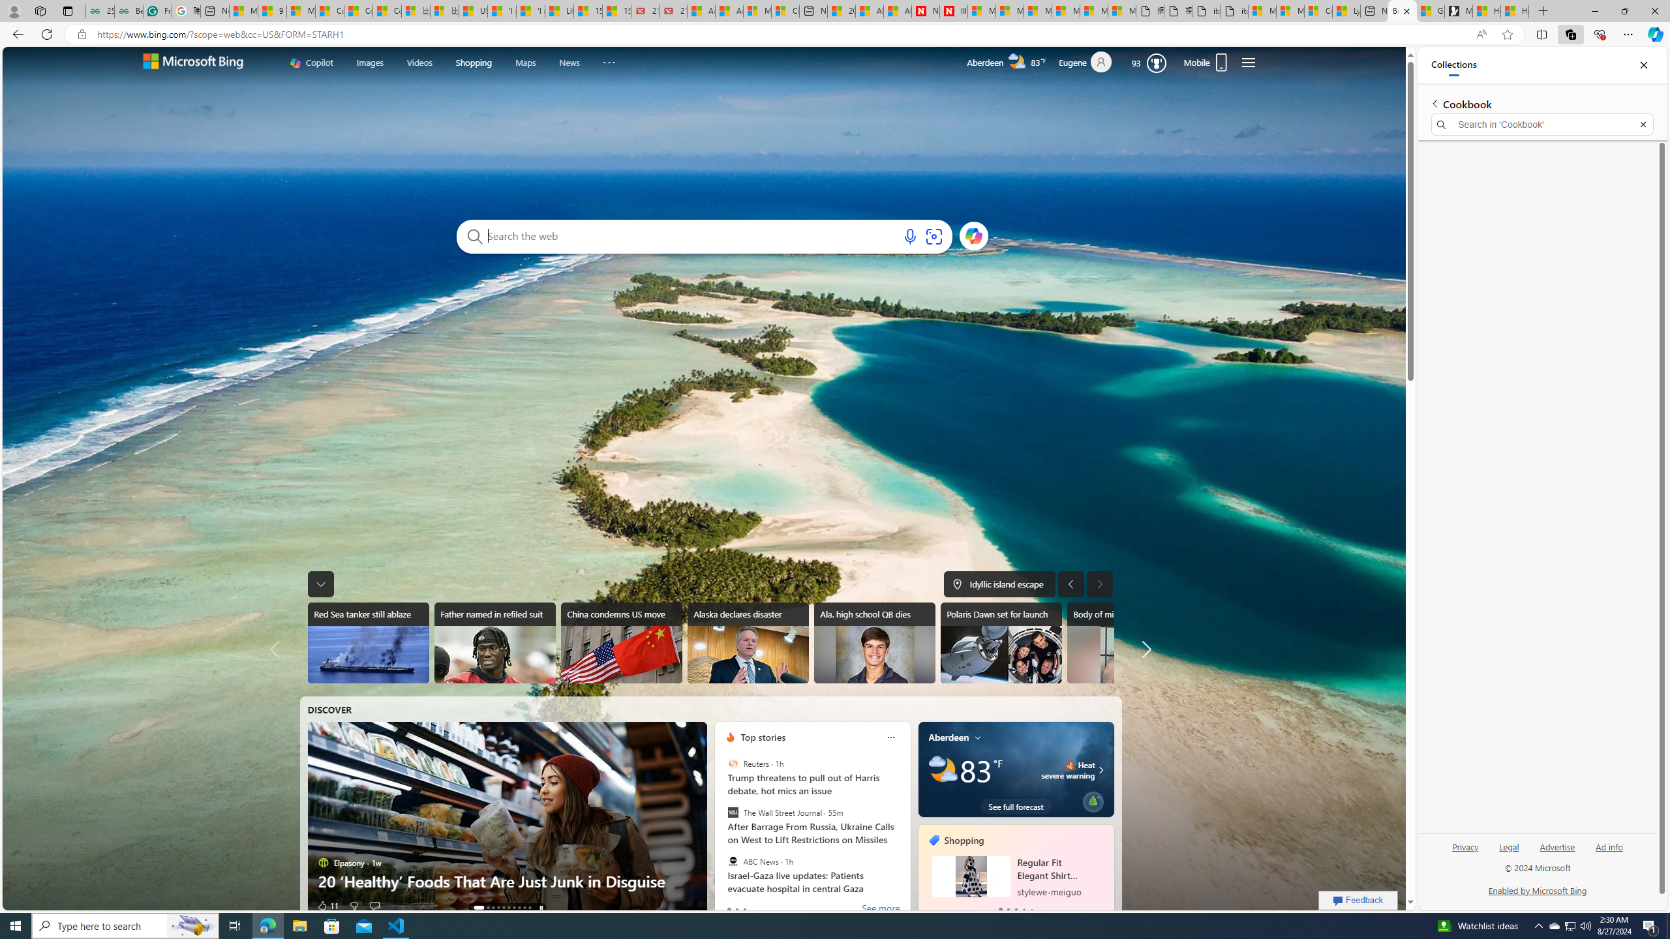  I want to click on 'Maps', so click(526, 62).